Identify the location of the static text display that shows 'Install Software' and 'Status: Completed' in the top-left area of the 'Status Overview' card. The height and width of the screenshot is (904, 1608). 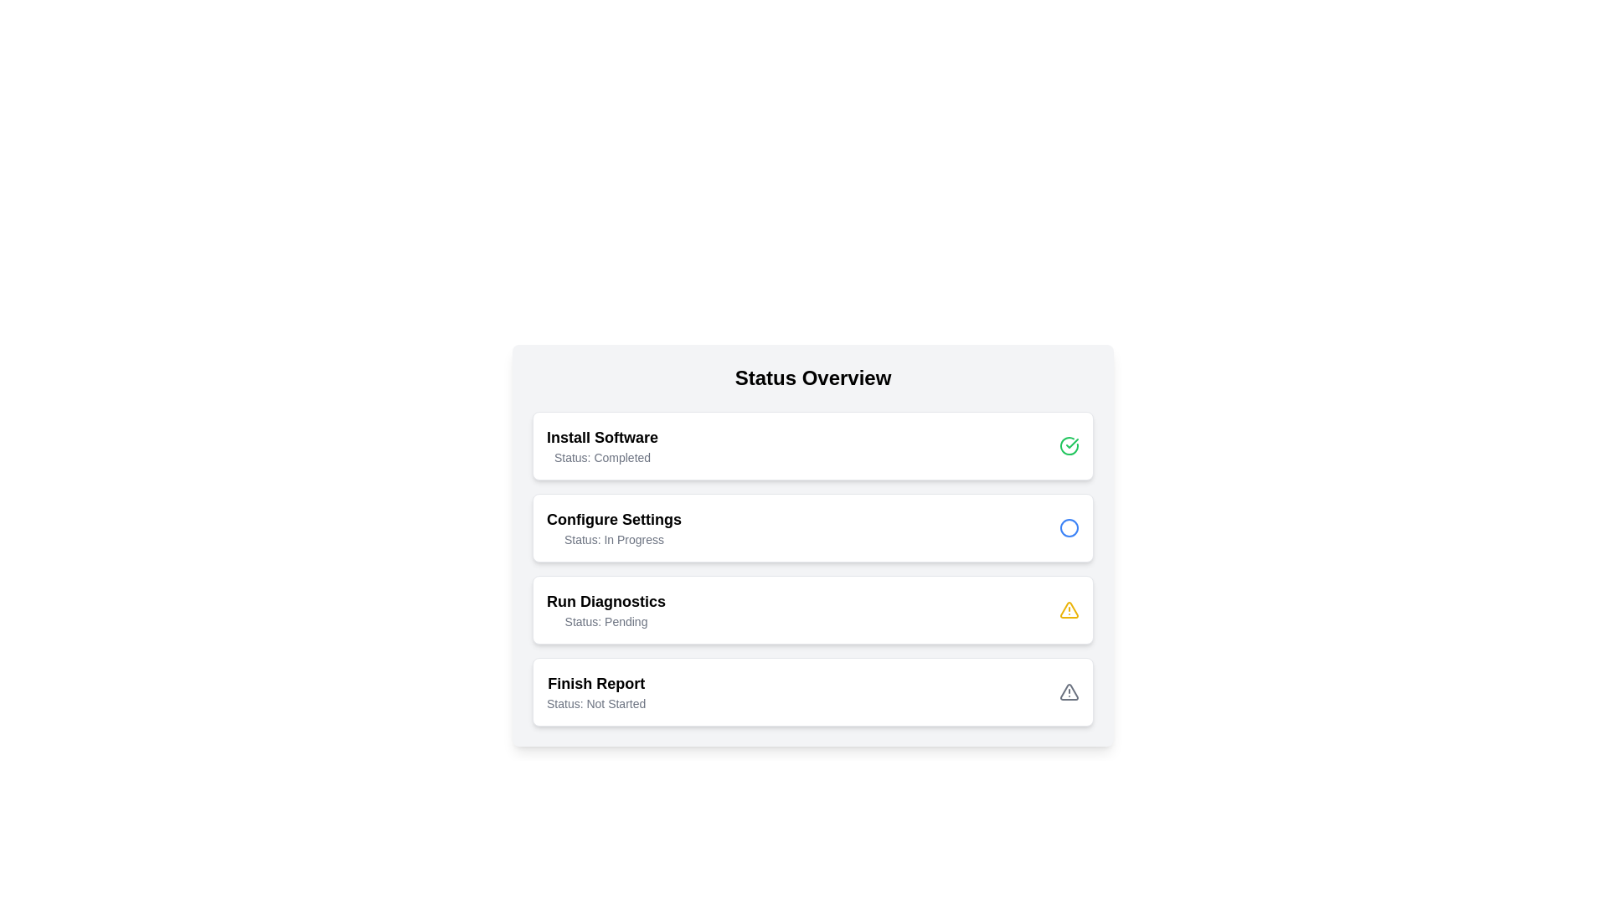
(602, 444).